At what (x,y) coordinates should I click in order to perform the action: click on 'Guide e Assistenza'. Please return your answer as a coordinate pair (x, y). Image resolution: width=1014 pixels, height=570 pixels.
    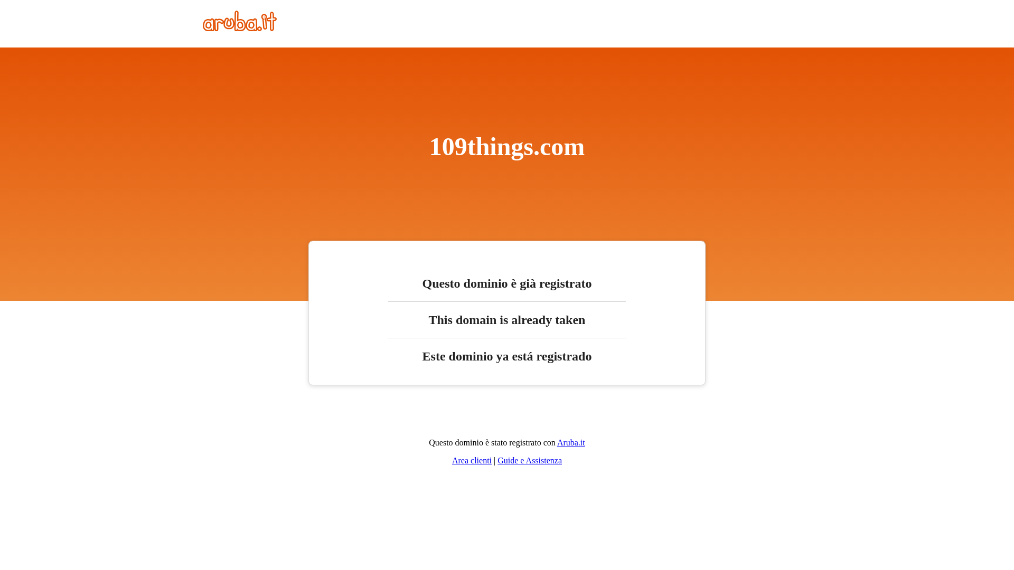
    Looking at the image, I should click on (496, 460).